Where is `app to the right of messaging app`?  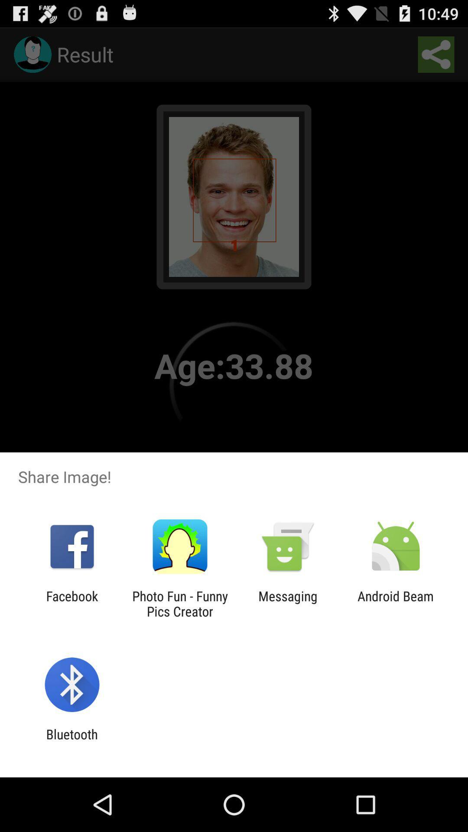 app to the right of messaging app is located at coordinates (396, 603).